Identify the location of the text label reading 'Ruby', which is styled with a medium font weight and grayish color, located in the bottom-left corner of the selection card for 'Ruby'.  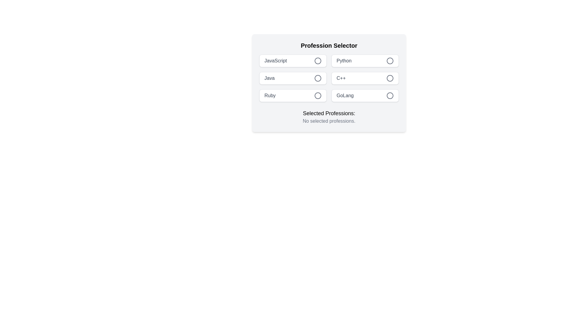
(270, 95).